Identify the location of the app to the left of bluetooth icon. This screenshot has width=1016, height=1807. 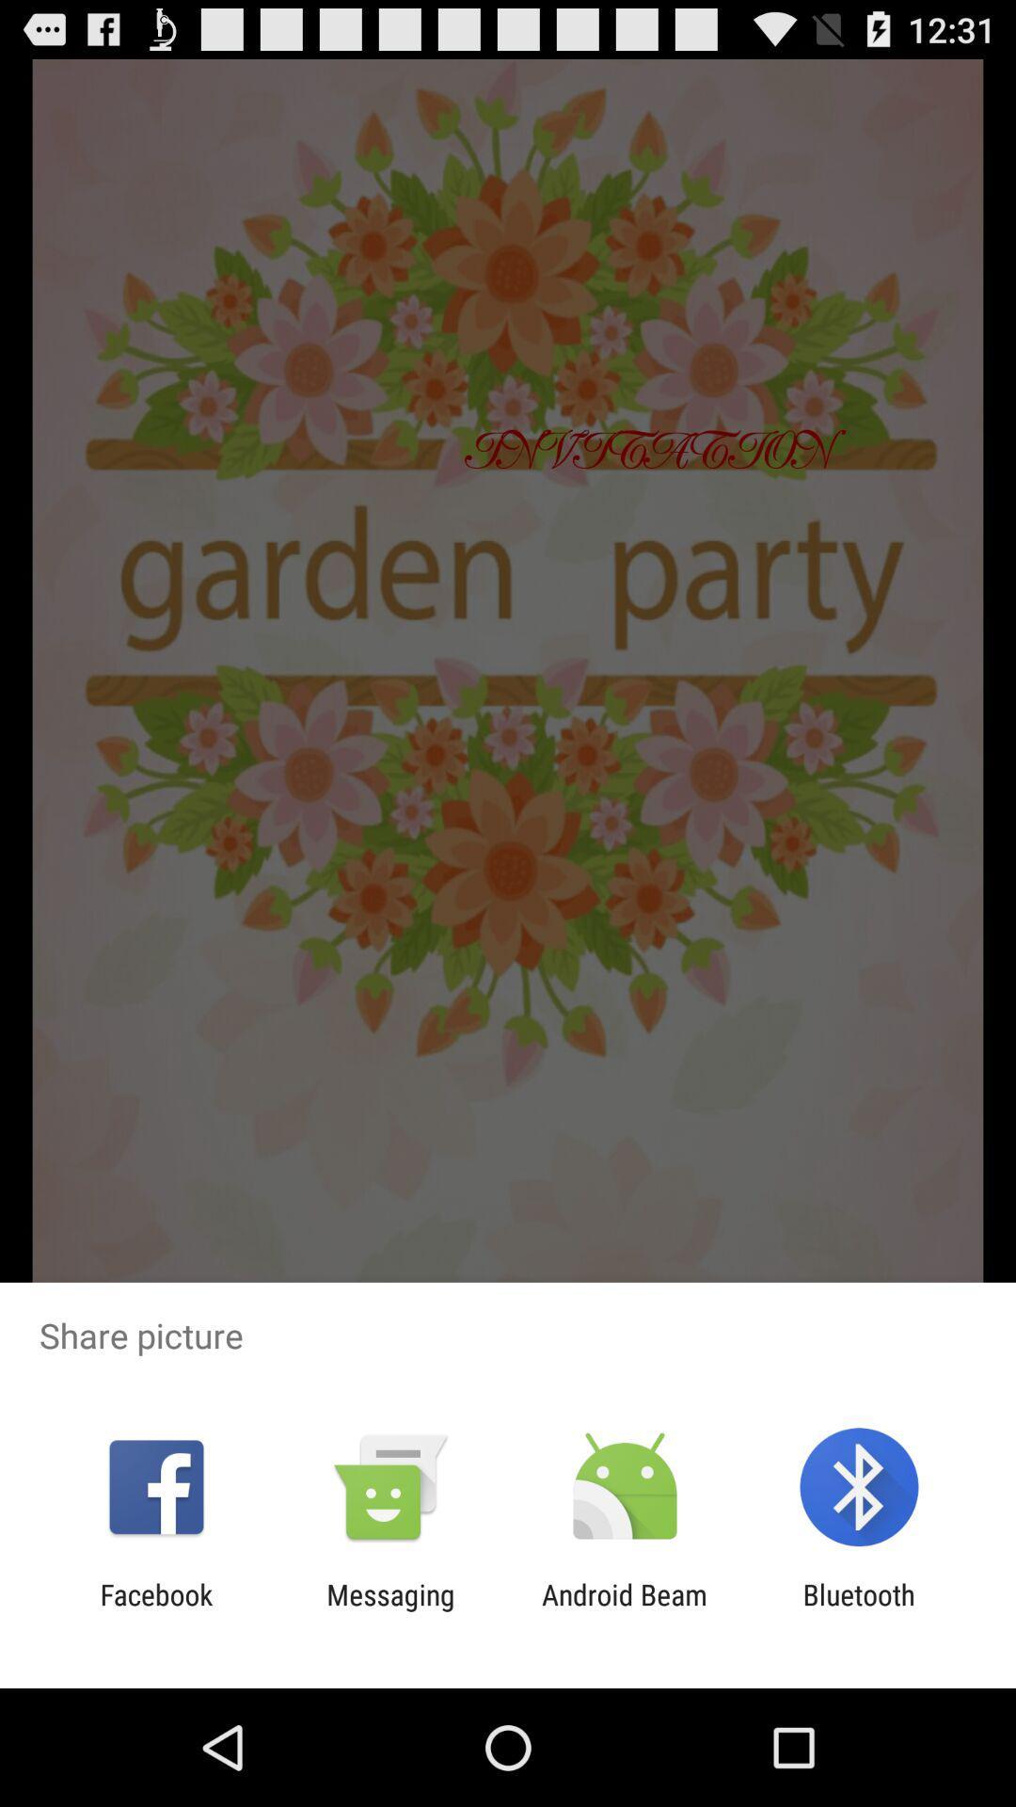
(625, 1610).